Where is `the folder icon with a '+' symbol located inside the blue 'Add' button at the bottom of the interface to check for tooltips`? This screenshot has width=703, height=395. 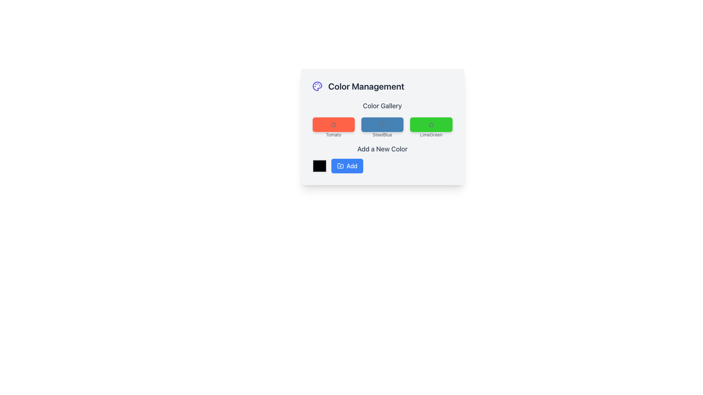 the folder icon with a '+' symbol located inside the blue 'Add' button at the bottom of the interface to check for tooltips is located at coordinates (340, 166).